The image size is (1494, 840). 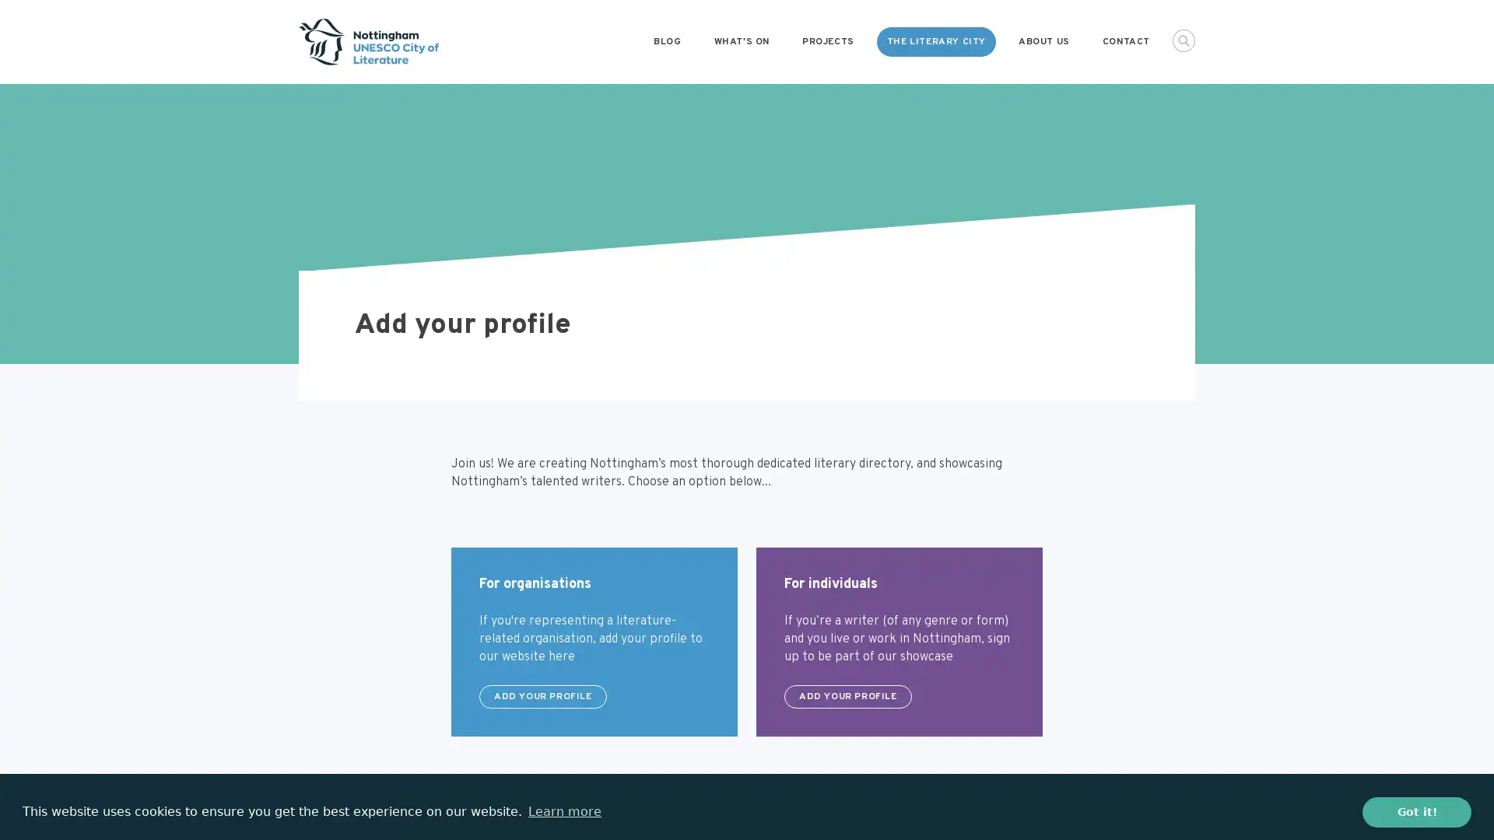 I want to click on learn more about cookies, so click(x=563, y=811).